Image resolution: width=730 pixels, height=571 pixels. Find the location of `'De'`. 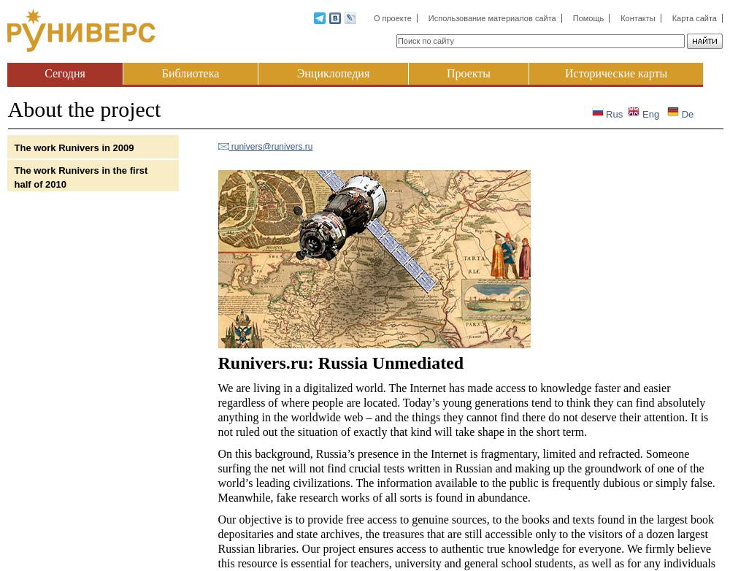

'De' is located at coordinates (685, 114).